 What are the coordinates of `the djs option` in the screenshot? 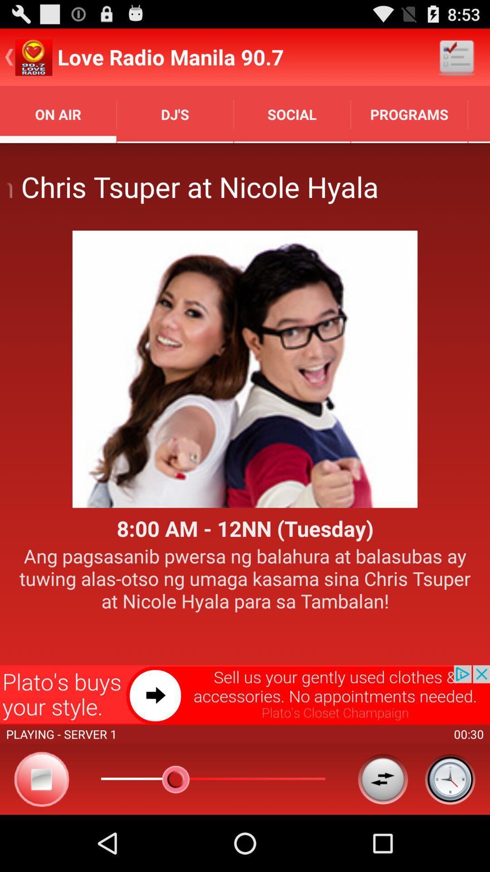 It's located at (175, 114).